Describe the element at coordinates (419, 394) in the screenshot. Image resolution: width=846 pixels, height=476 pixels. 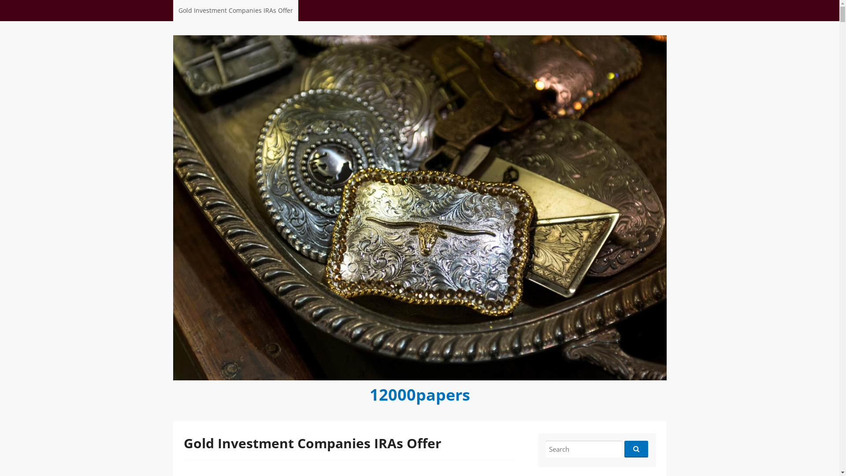
I see `'12000papers'` at that location.